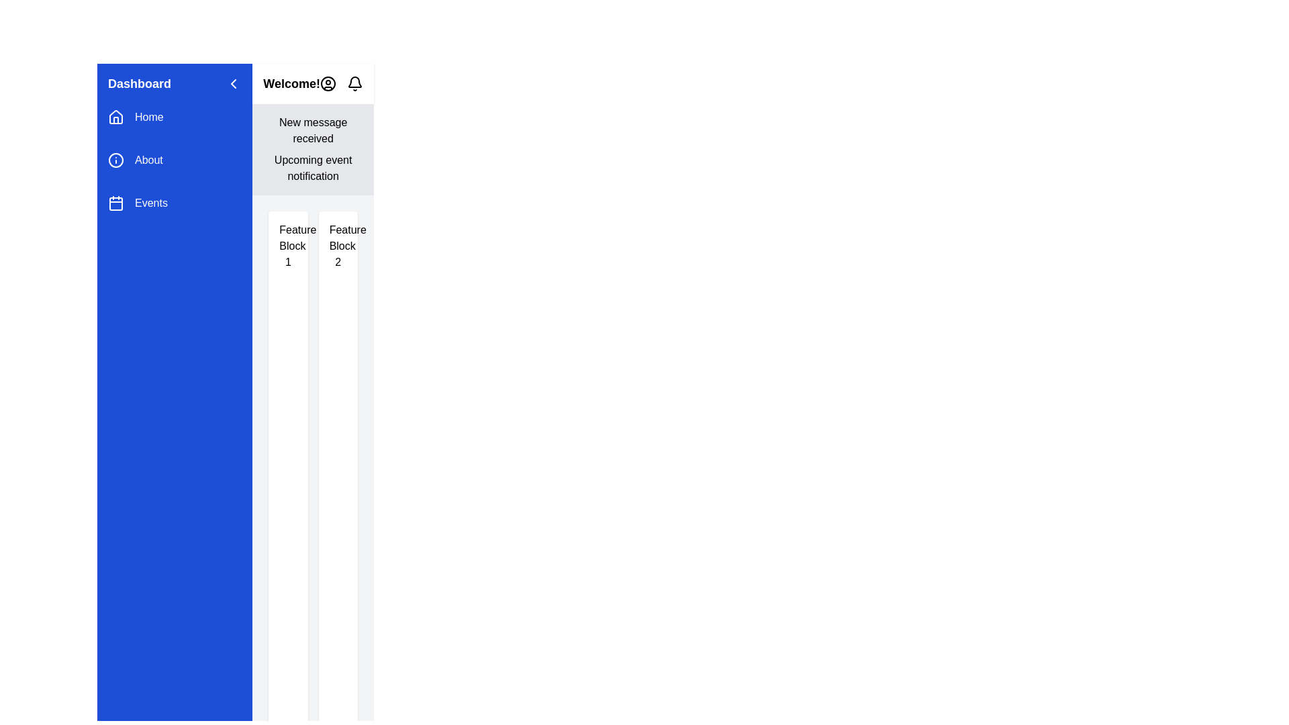 The height and width of the screenshot is (725, 1289). What do you see at coordinates (139, 83) in the screenshot?
I see `the 'Dashboard' text label located in the left navigation menu, which is the first element in the panel with a blue background` at bounding box center [139, 83].